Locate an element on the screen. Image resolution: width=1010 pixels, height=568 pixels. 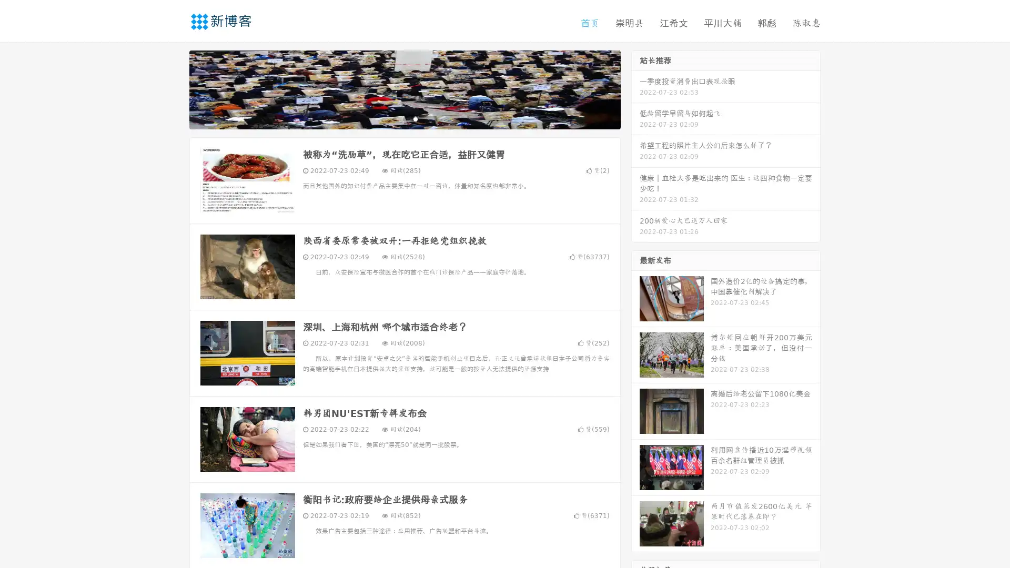
Go to slide 3 is located at coordinates (415, 118).